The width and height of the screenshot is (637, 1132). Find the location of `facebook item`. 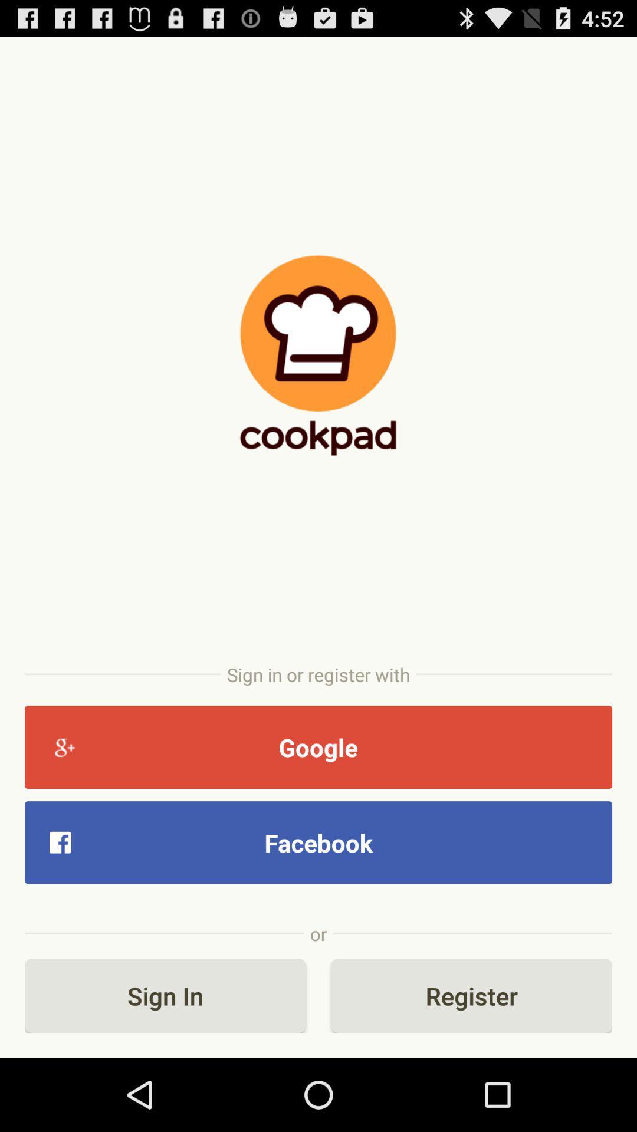

facebook item is located at coordinates (318, 842).